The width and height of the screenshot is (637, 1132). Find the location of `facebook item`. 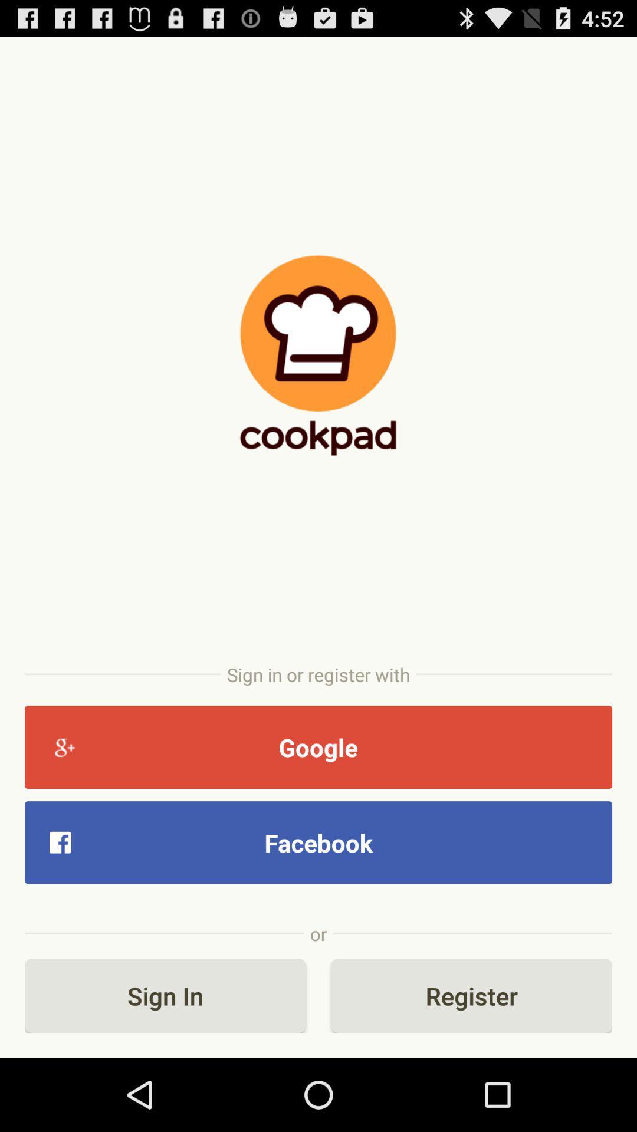

facebook item is located at coordinates (318, 842).